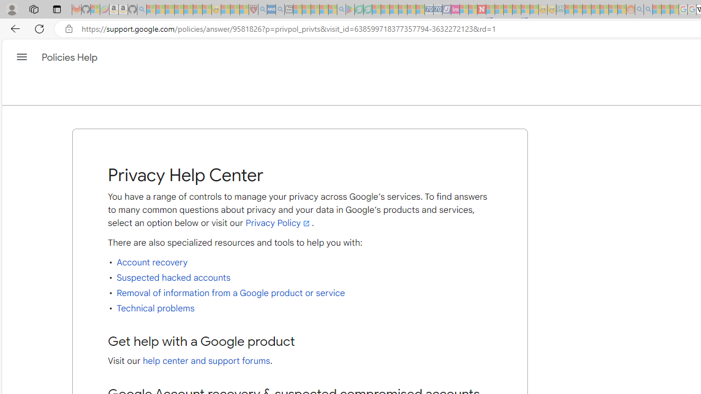 The height and width of the screenshot is (394, 701). Describe the element at coordinates (173, 277) in the screenshot. I see `'Suspected hacked accounts'` at that location.